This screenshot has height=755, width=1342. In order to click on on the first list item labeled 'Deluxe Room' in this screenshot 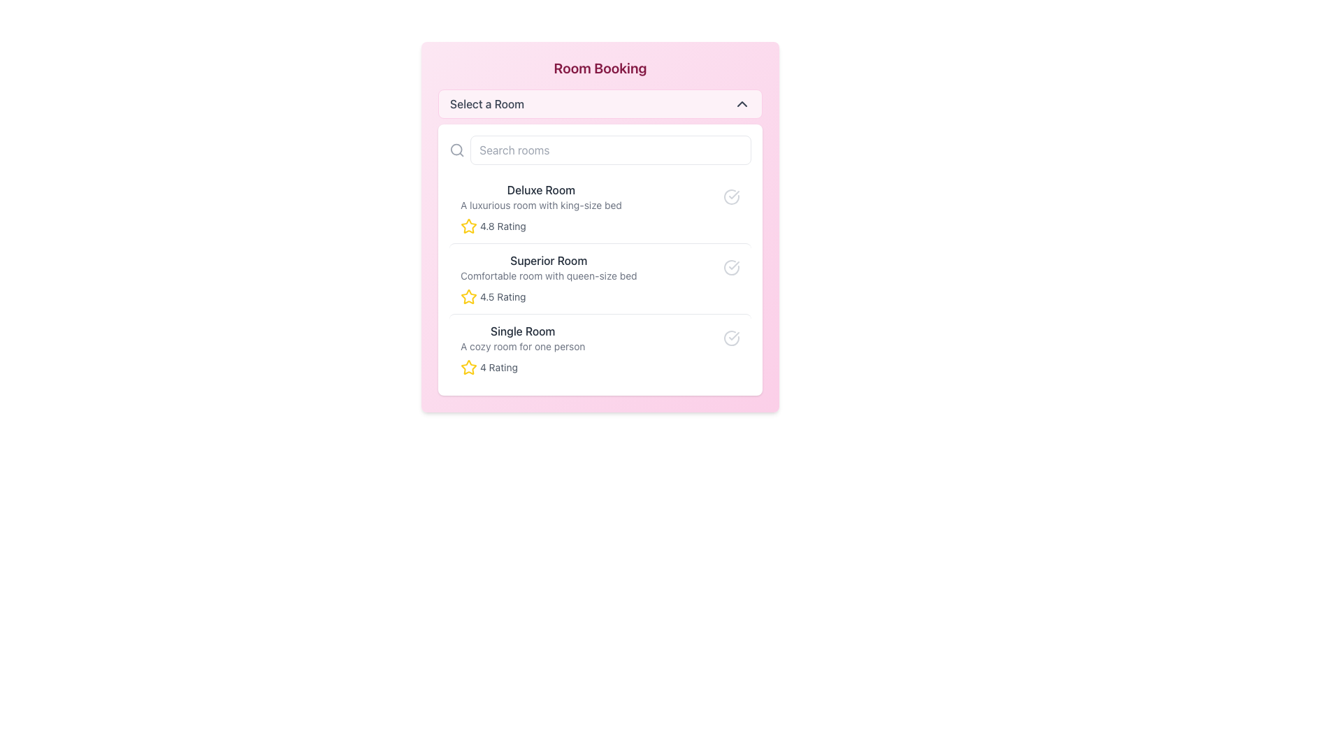, I will do `click(600, 196)`.